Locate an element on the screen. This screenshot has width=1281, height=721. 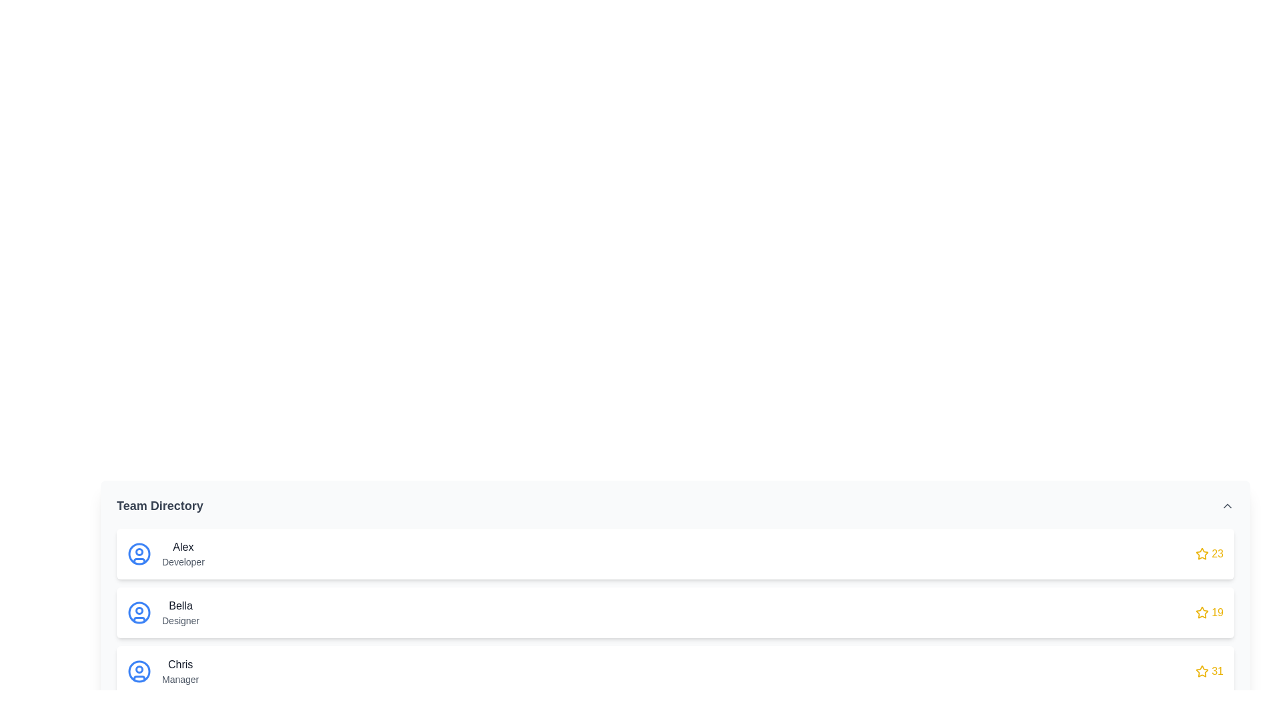
the name text of the user profile card representing 'Alex', who is identified as a 'Developer', located in the first row of a list is located at coordinates (165, 553).